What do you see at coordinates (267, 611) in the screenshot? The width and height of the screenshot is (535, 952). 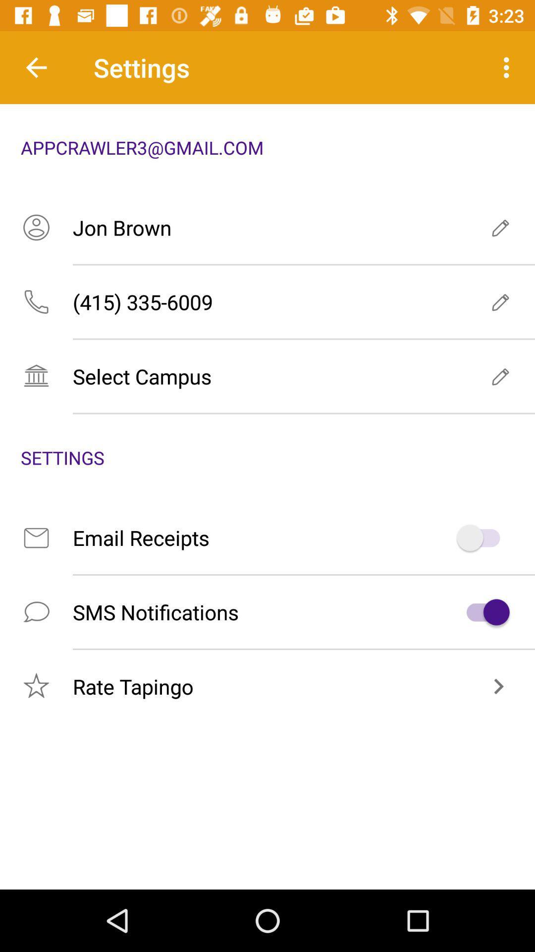 I see `the icon below email receipts item` at bounding box center [267, 611].